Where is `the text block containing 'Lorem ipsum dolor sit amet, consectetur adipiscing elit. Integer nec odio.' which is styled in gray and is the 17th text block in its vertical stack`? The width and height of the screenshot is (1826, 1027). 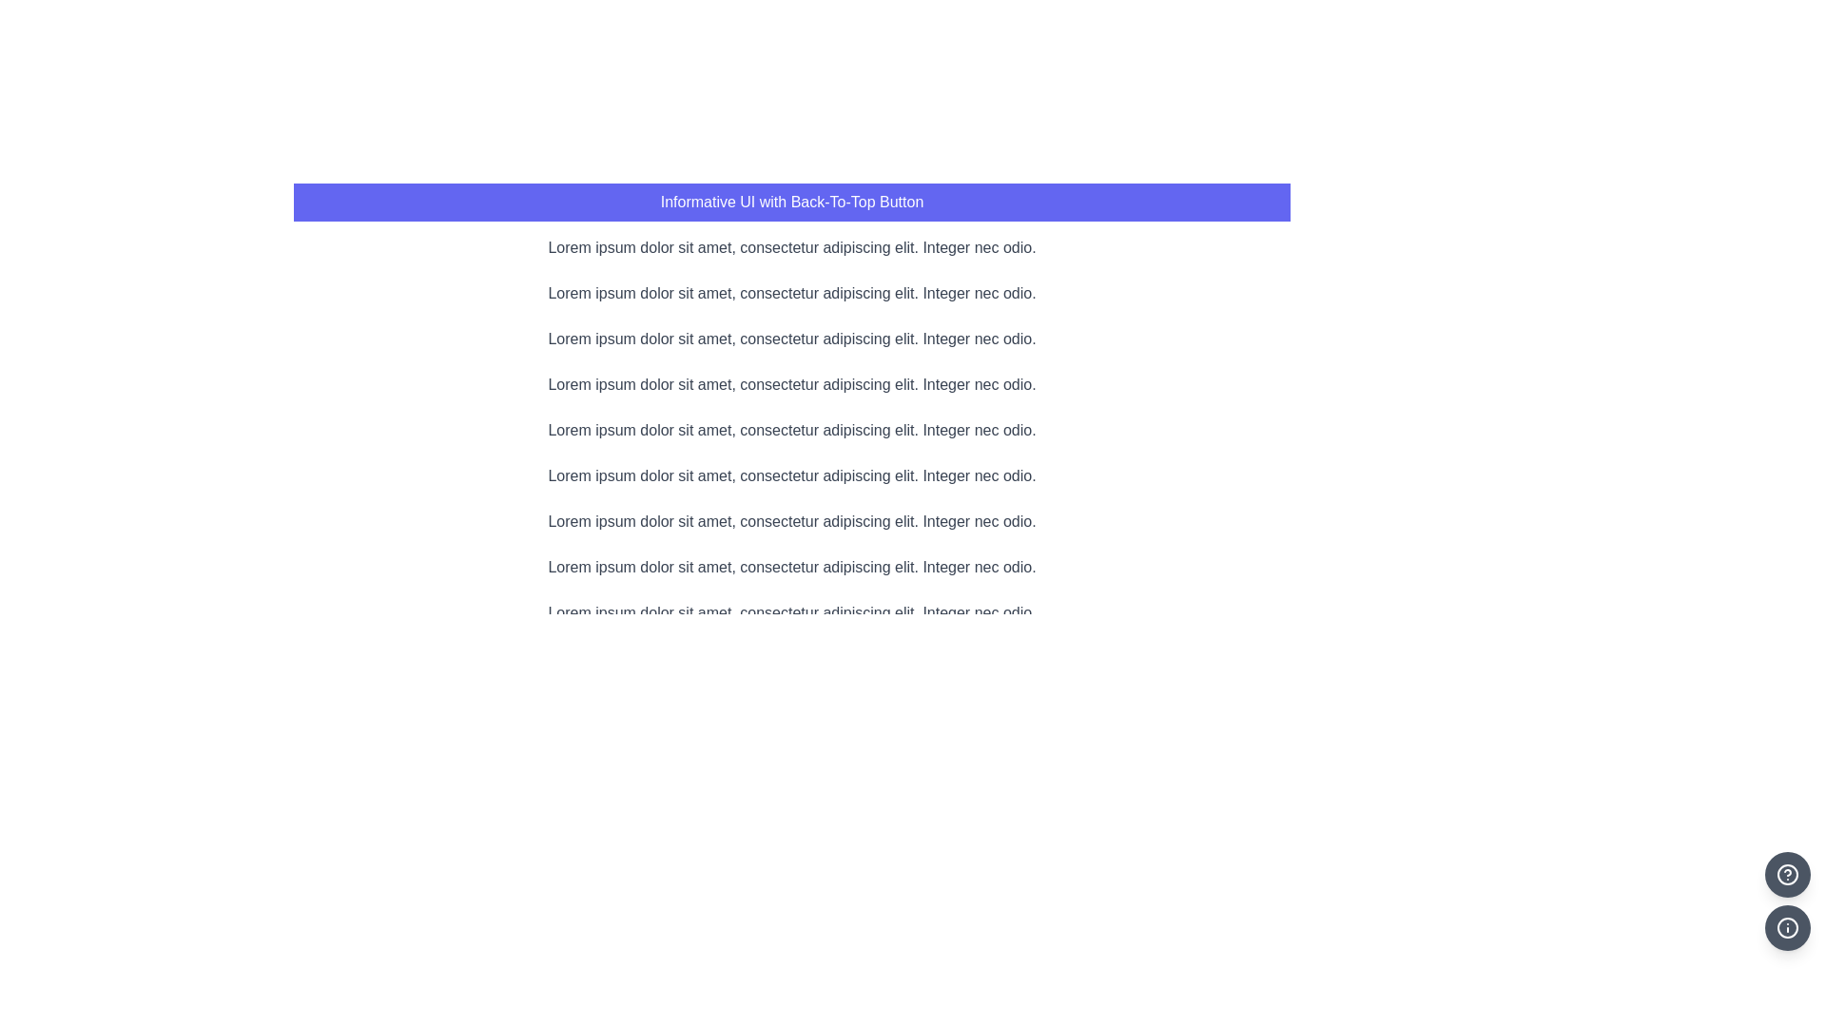
the text block containing 'Lorem ipsum dolor sit amet, consectetur adipiscing elit. Integer nec odio.' which is styled in gray and is the 17th text block in its vertical stack is located at coordinates (792, 979).